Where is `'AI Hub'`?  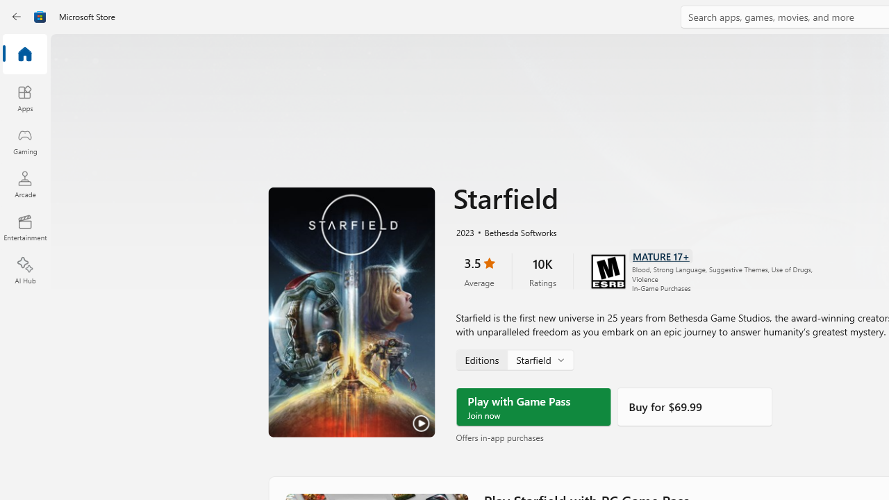
'AI Hub' is located at coordinates (24, 271).